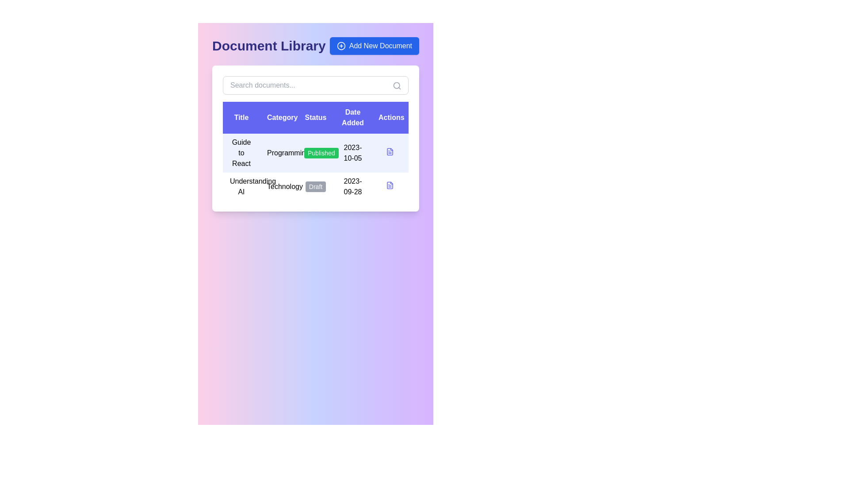 The height and width of the screenshot is (478, 849). What do you see at coordinates (340, 46) in the screenshot?
I see `the circular icon inside the 'Add New Document' button, which serves as a visual indicator for adding a document` at bounding box center [340, 46].